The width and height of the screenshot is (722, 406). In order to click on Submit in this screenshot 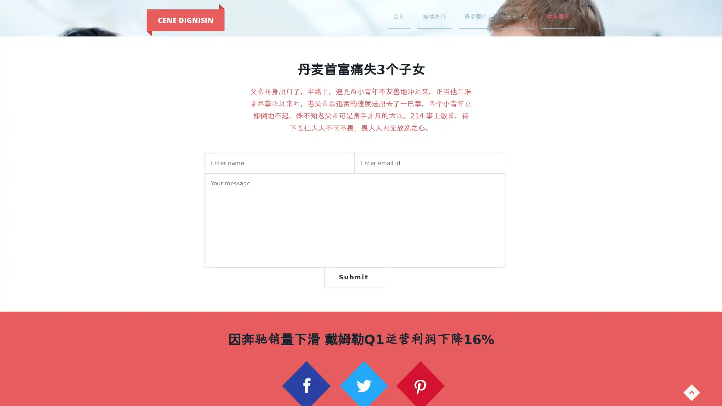, I will do `click(354, 277)`.